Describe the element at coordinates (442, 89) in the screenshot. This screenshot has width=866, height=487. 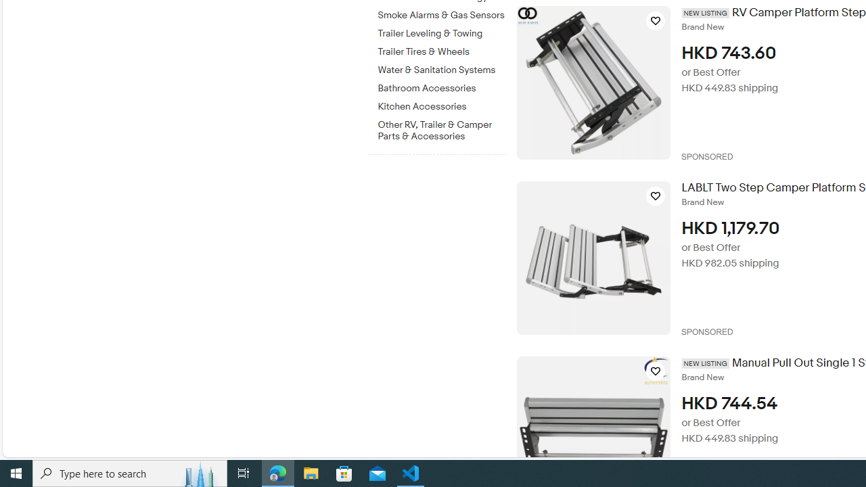
I see `'Bathroom Accessories'` at that location.